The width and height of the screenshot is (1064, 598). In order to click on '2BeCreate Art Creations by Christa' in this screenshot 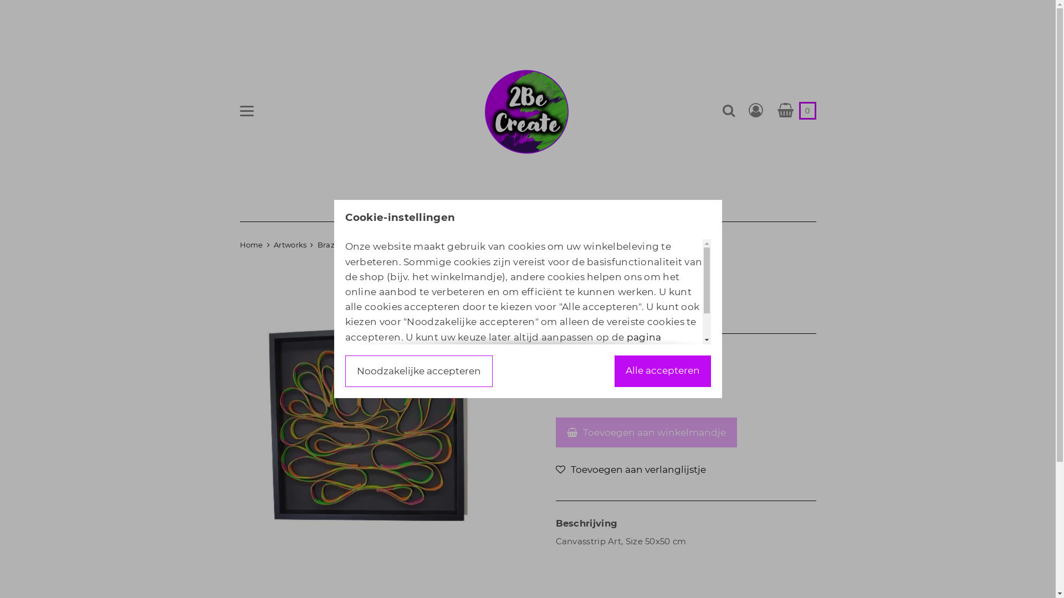, I will do `click(527, 111)`.